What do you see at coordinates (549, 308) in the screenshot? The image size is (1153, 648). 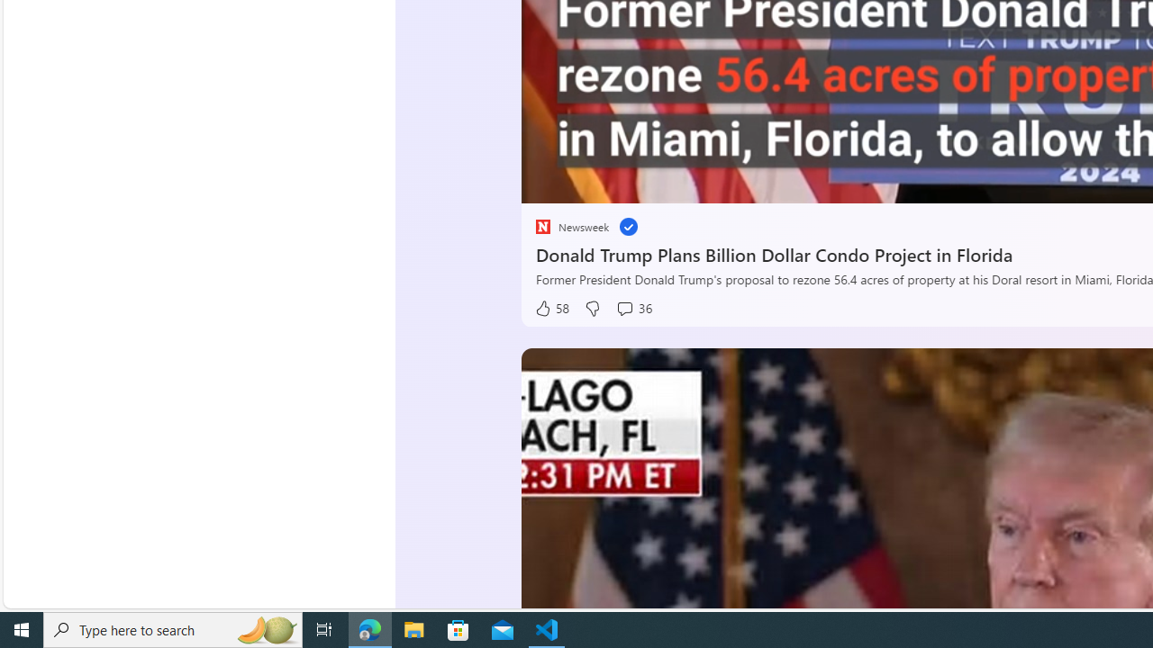 I see `'58 Like'` at bounding box center [549, 308].